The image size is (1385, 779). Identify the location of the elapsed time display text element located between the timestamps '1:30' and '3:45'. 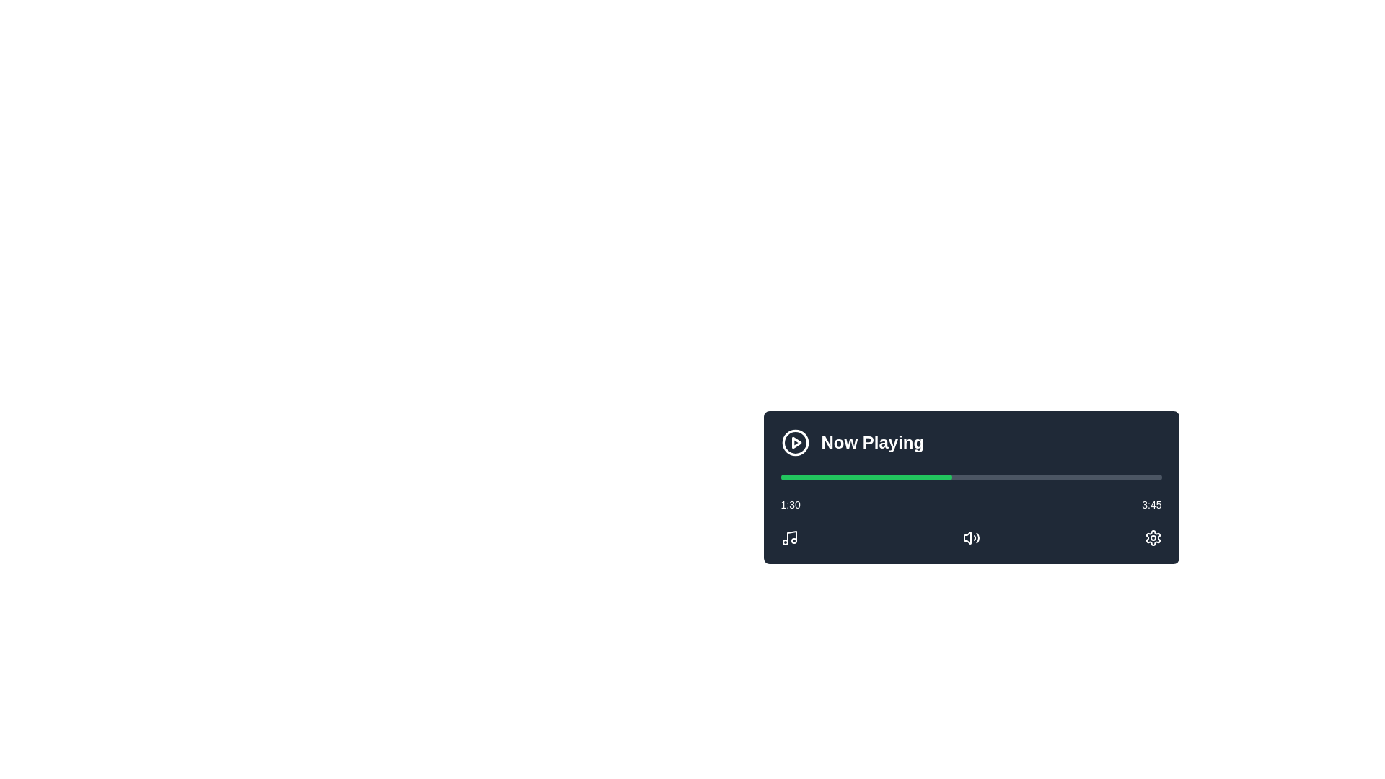
(790, 503).